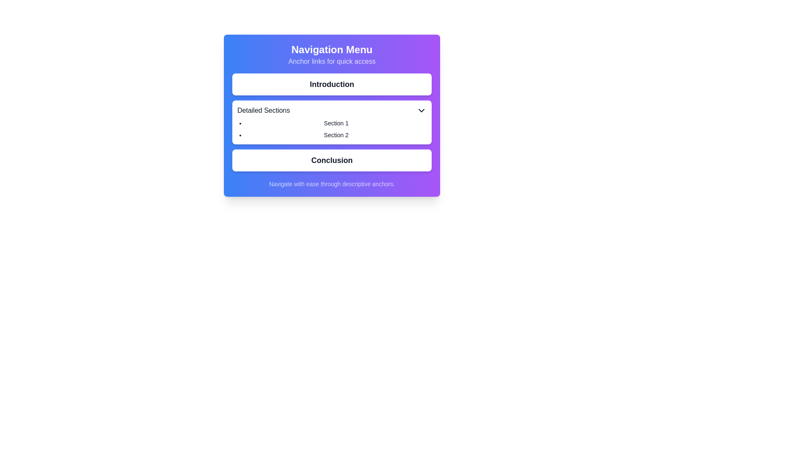  Describe the element at coordinates (332, 61) in the screenshot. I see `the text label that reads 'Anchor links for quick access', which is positioned below the 'Navigation Menu' title` at that location.